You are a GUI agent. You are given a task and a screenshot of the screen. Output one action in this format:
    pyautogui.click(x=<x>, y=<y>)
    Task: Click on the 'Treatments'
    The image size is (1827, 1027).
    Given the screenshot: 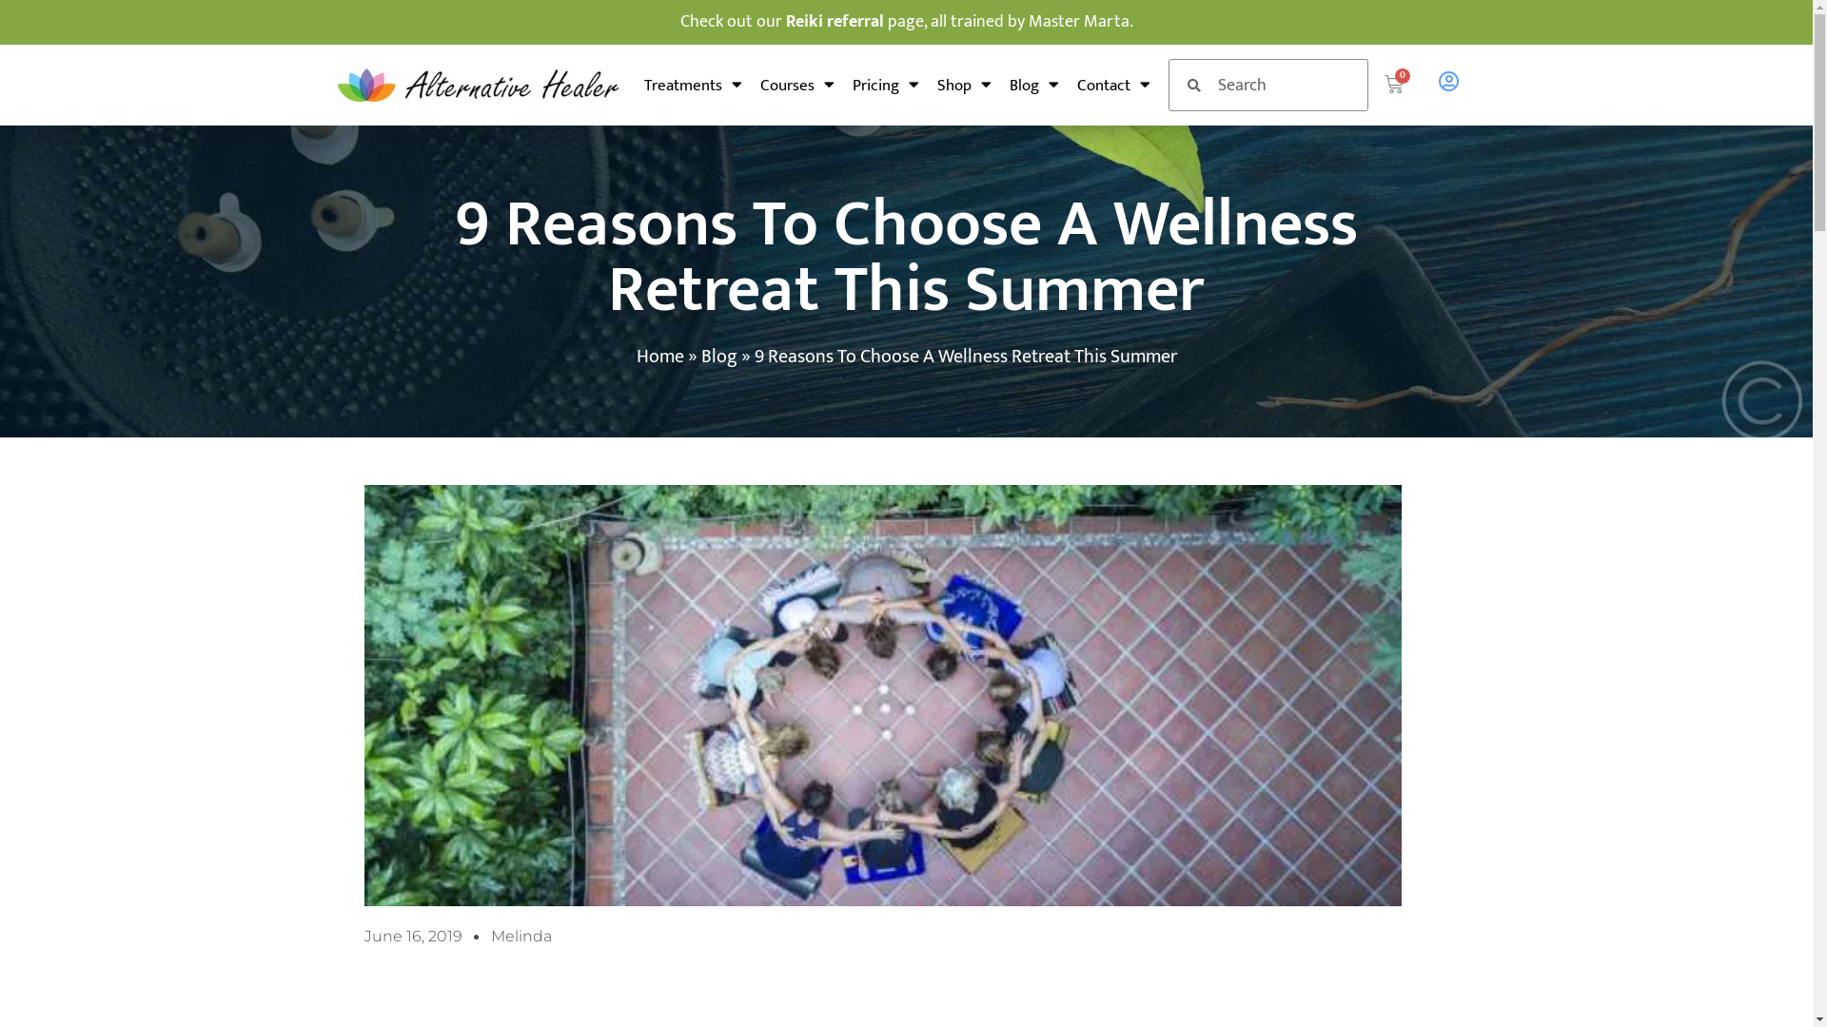 What is the action you would take?
    pyautogui.click(x=643, y=83)
    